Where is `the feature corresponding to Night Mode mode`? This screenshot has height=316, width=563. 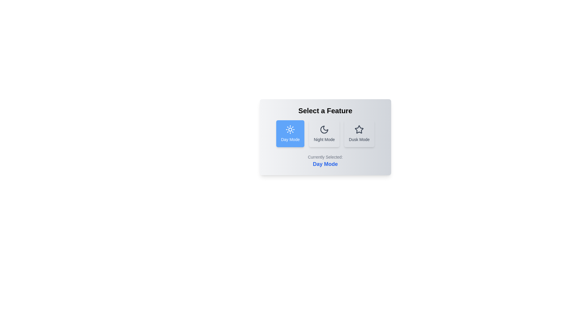 the feature corresponding to Night Mode mode is located at coordinates (324, 133).